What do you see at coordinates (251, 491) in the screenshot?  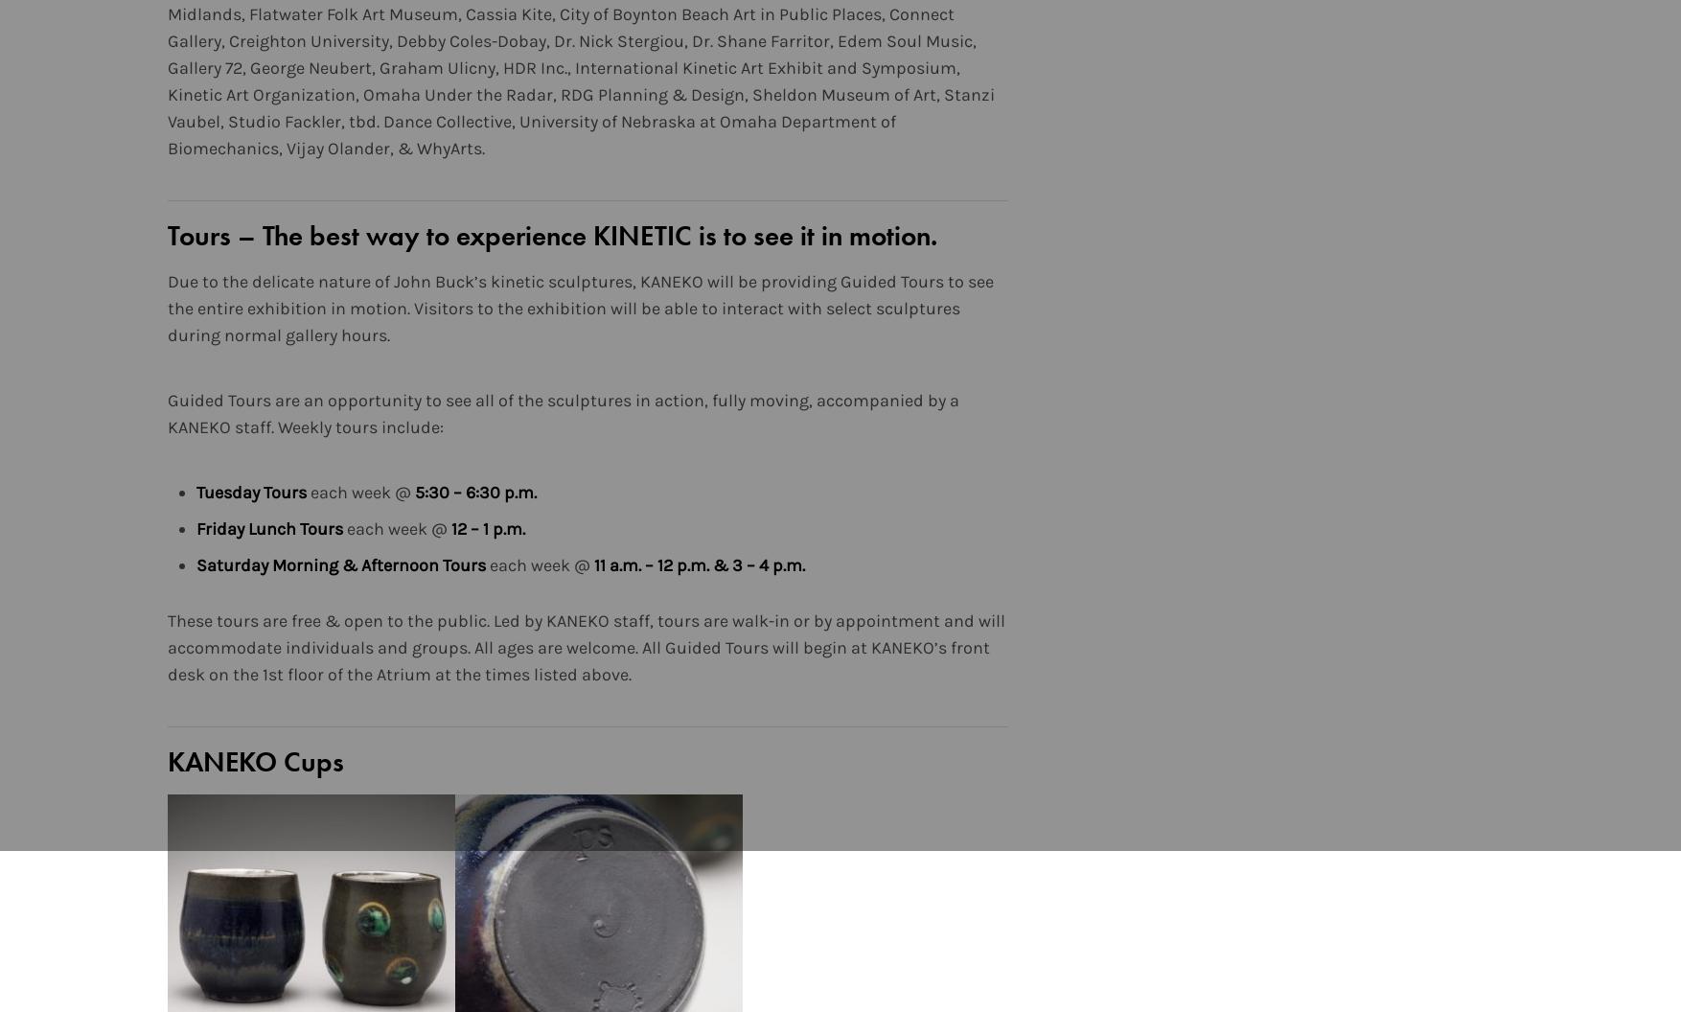 I see `'Tuesday Tours'` at bounding box center [251, 491].